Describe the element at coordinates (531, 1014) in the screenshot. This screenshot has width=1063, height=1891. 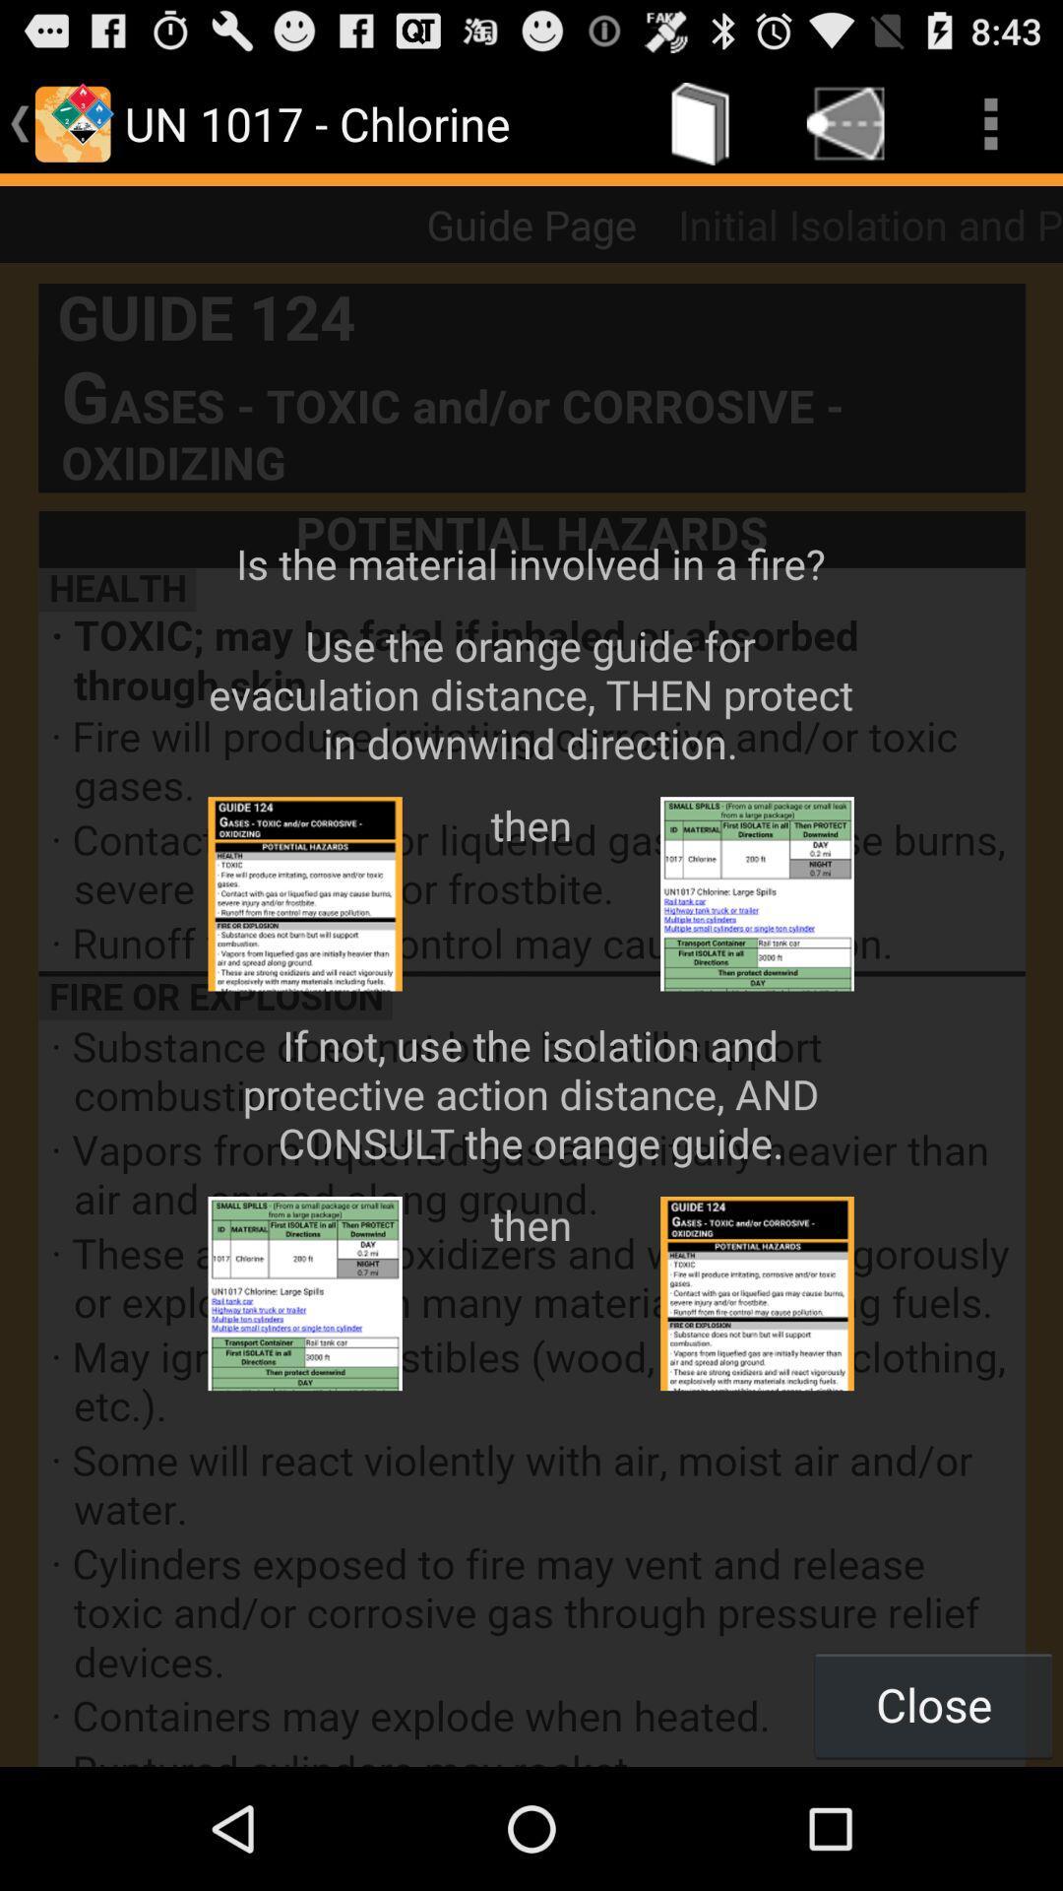
I see `full page` at that location.